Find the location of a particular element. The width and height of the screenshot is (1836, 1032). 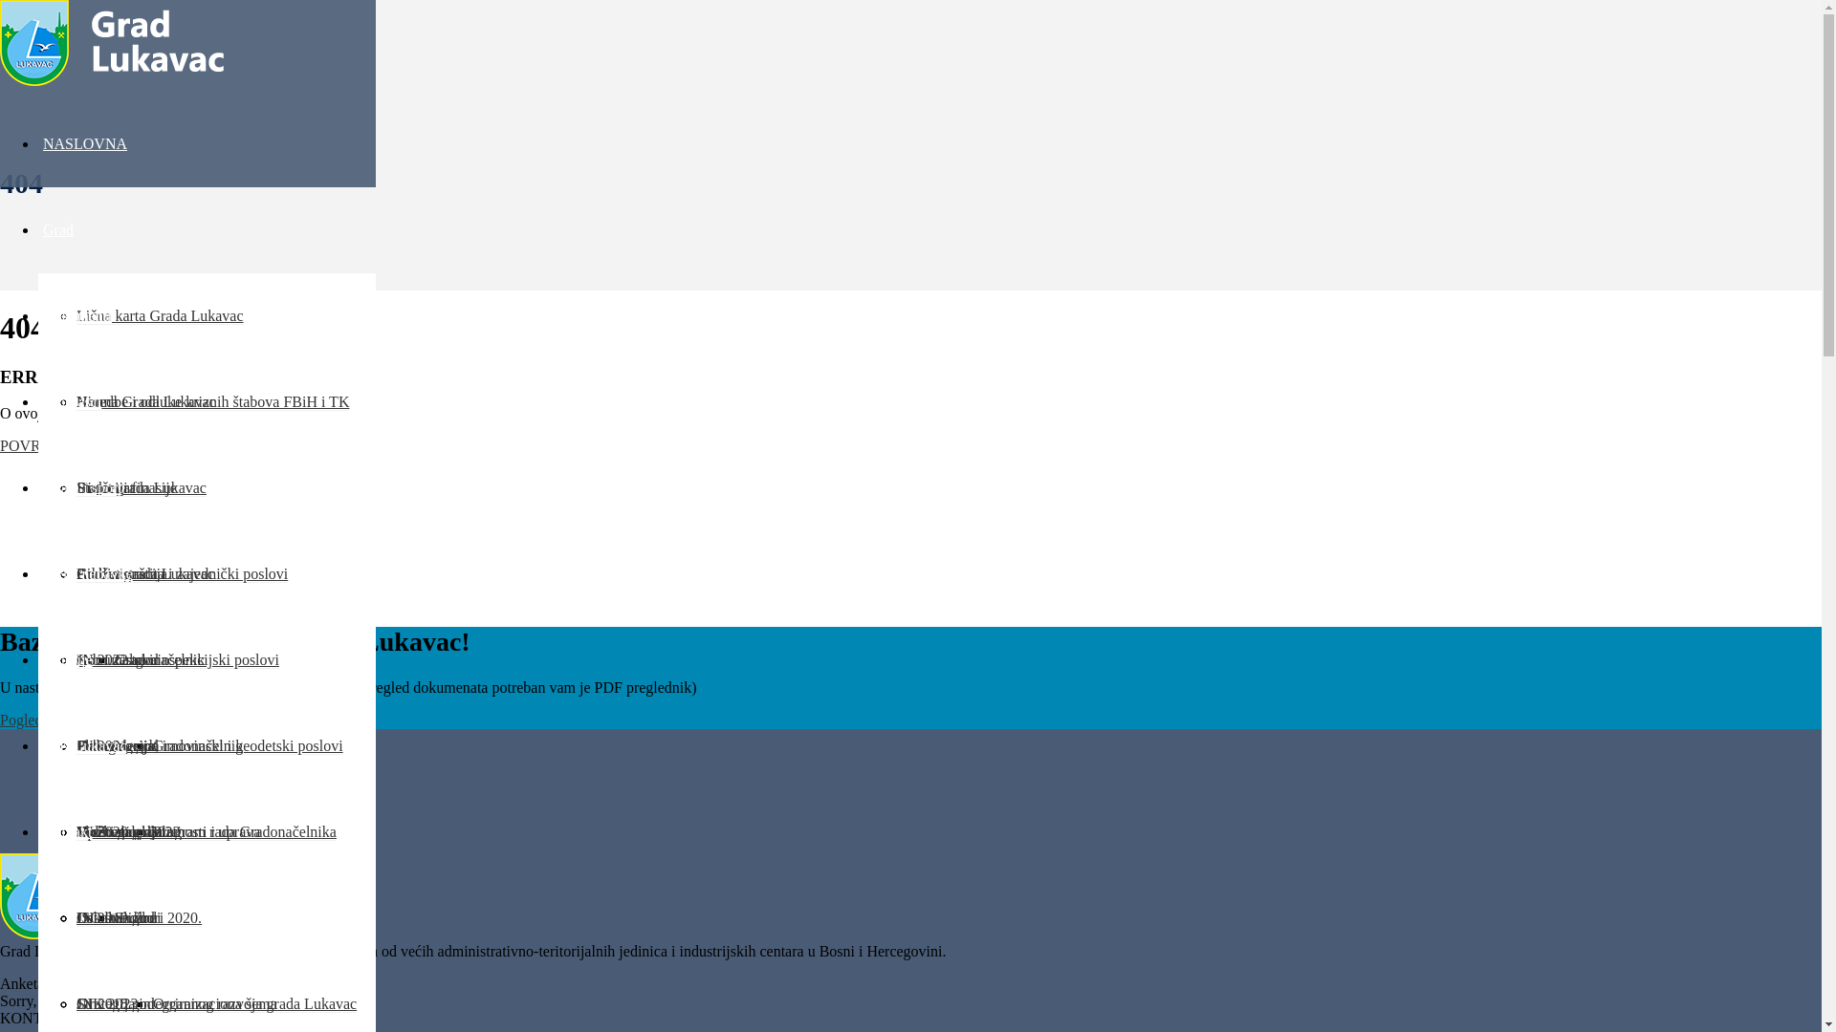

'POVRATAK NA NASLOVNU' is located at coordinates (95, 445).